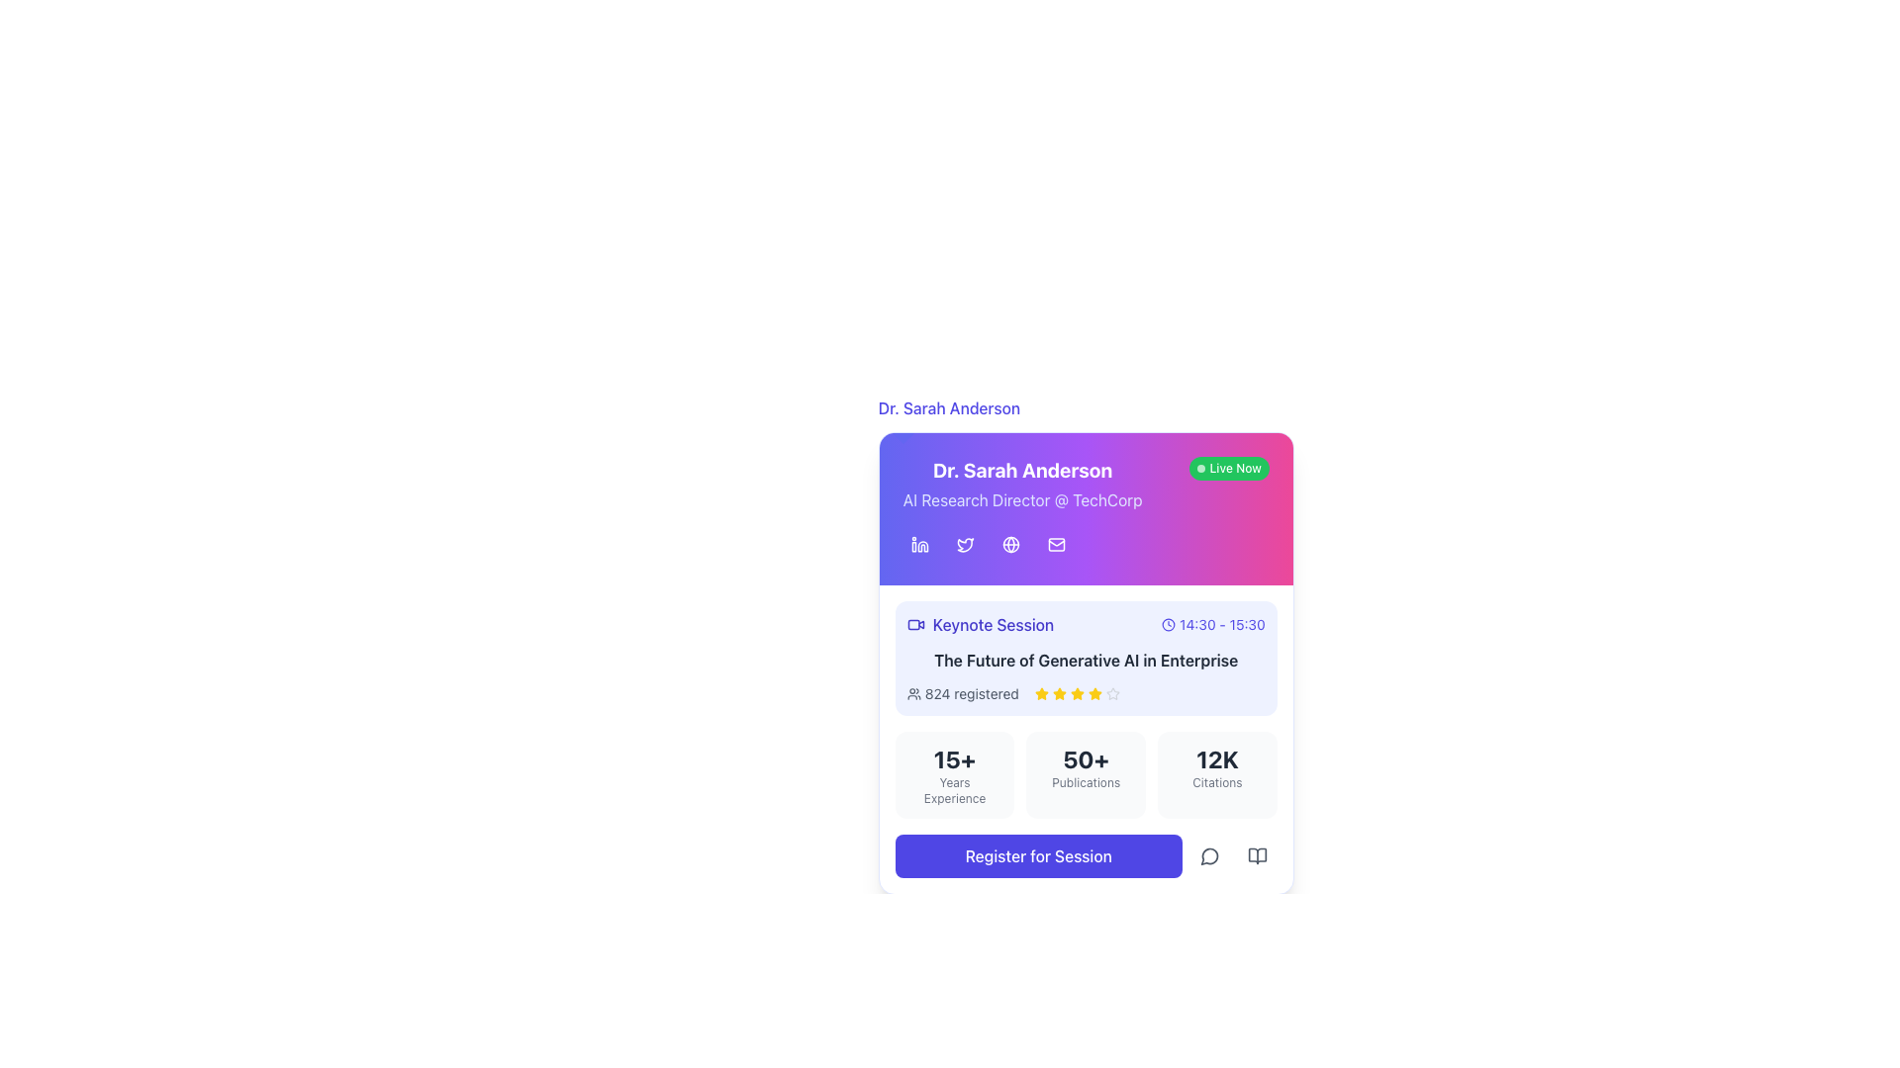 Image resolution: width=1900 pixels, height=1068 pixels. I want to click on the email icon located under 'Dr. Sarah Anderson' in the profile card, so click(1055, 545).